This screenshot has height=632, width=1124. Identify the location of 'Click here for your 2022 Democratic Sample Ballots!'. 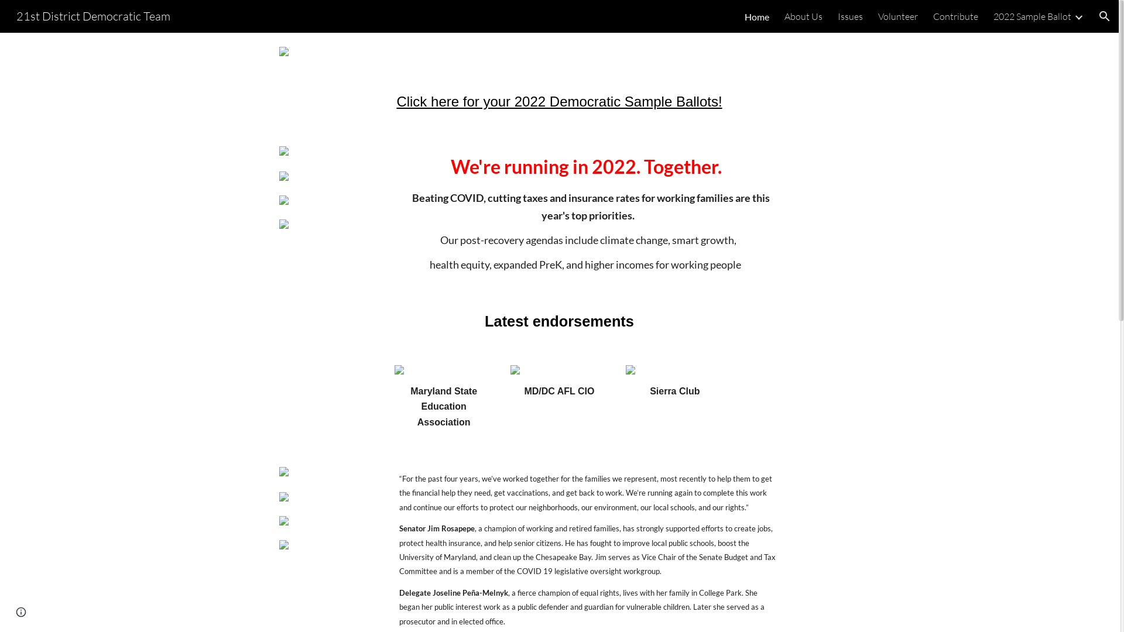
(558, 102).